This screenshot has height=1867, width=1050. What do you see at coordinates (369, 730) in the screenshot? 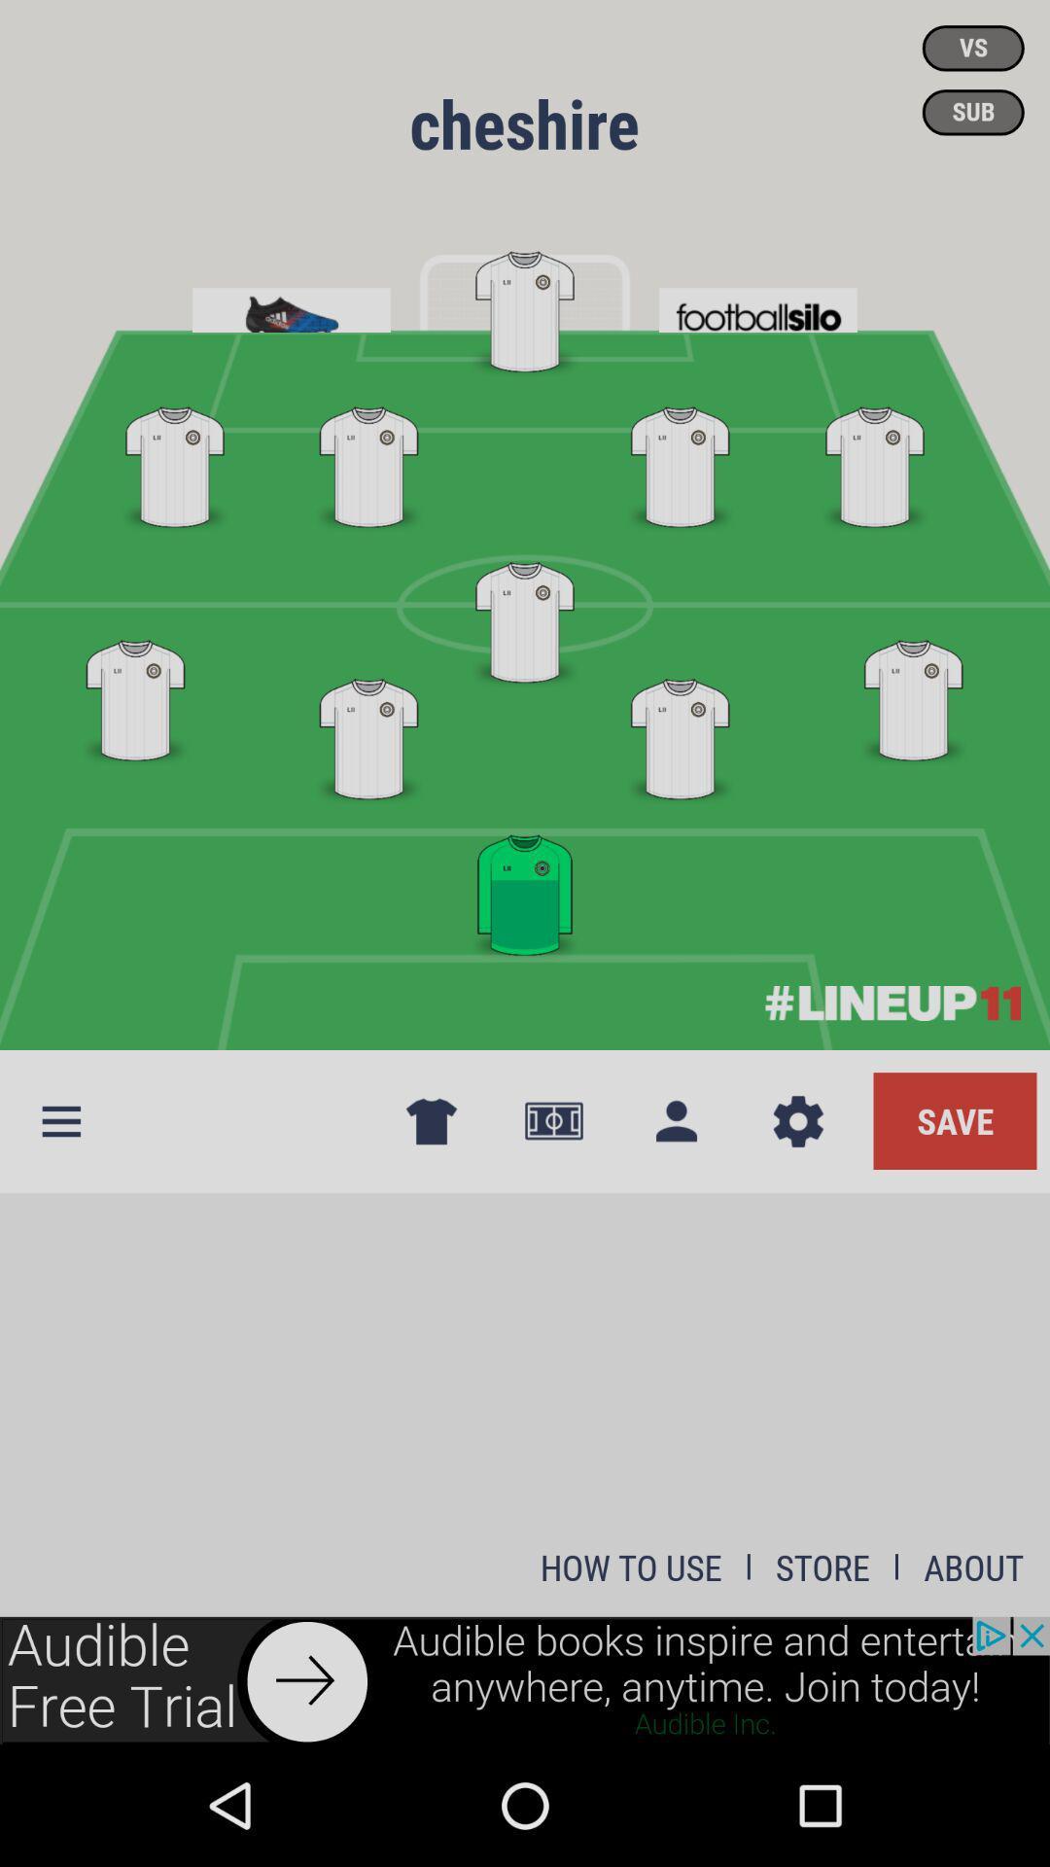
I see `the first white shirt which is left to green shirt` at bounding box center [369, 730].